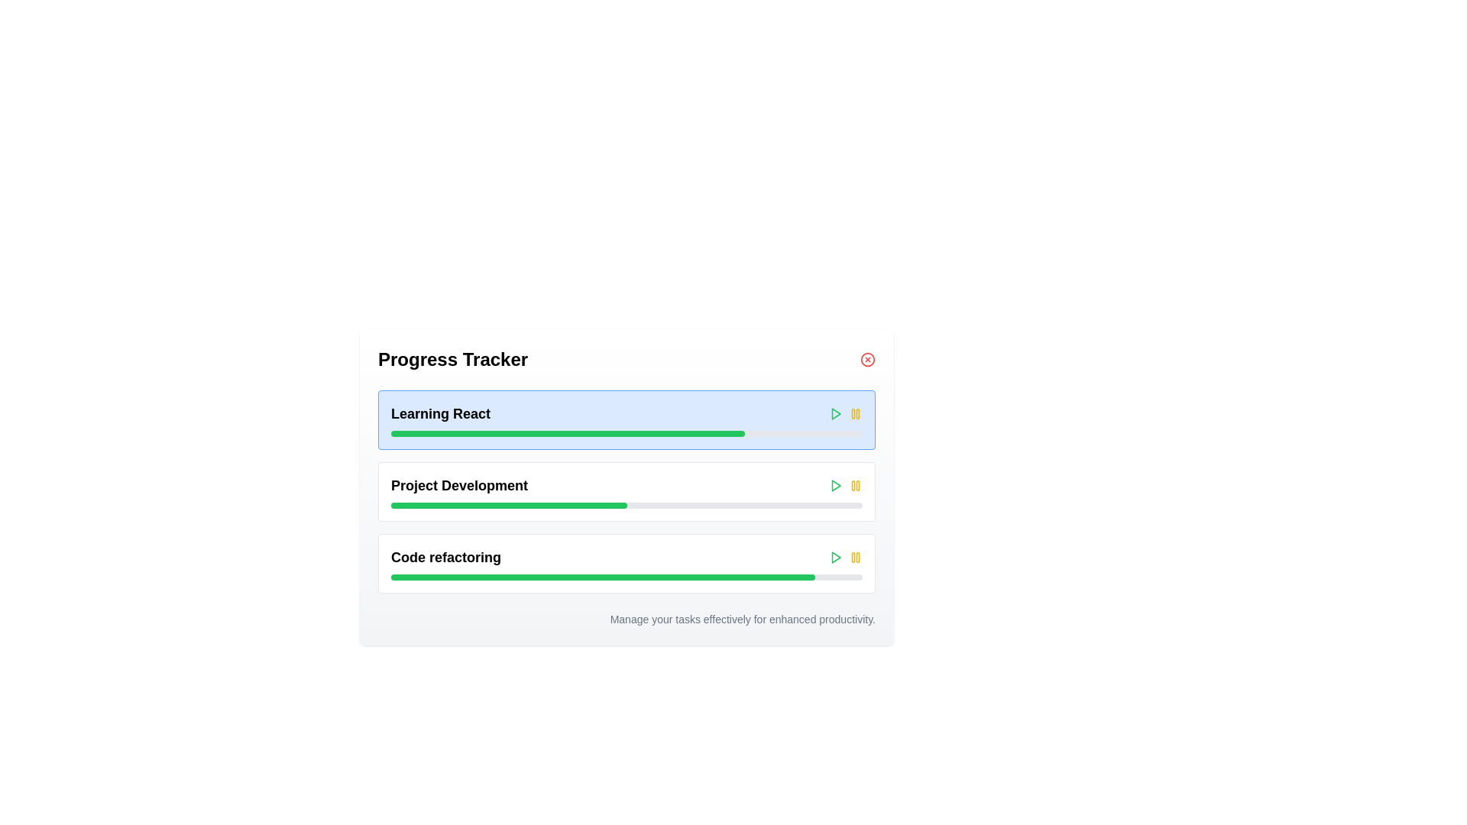 The height and width of the screenshot is (825, 1467). I want to click on the close button of the 'Progress Tracker' section, so click(868, 359).